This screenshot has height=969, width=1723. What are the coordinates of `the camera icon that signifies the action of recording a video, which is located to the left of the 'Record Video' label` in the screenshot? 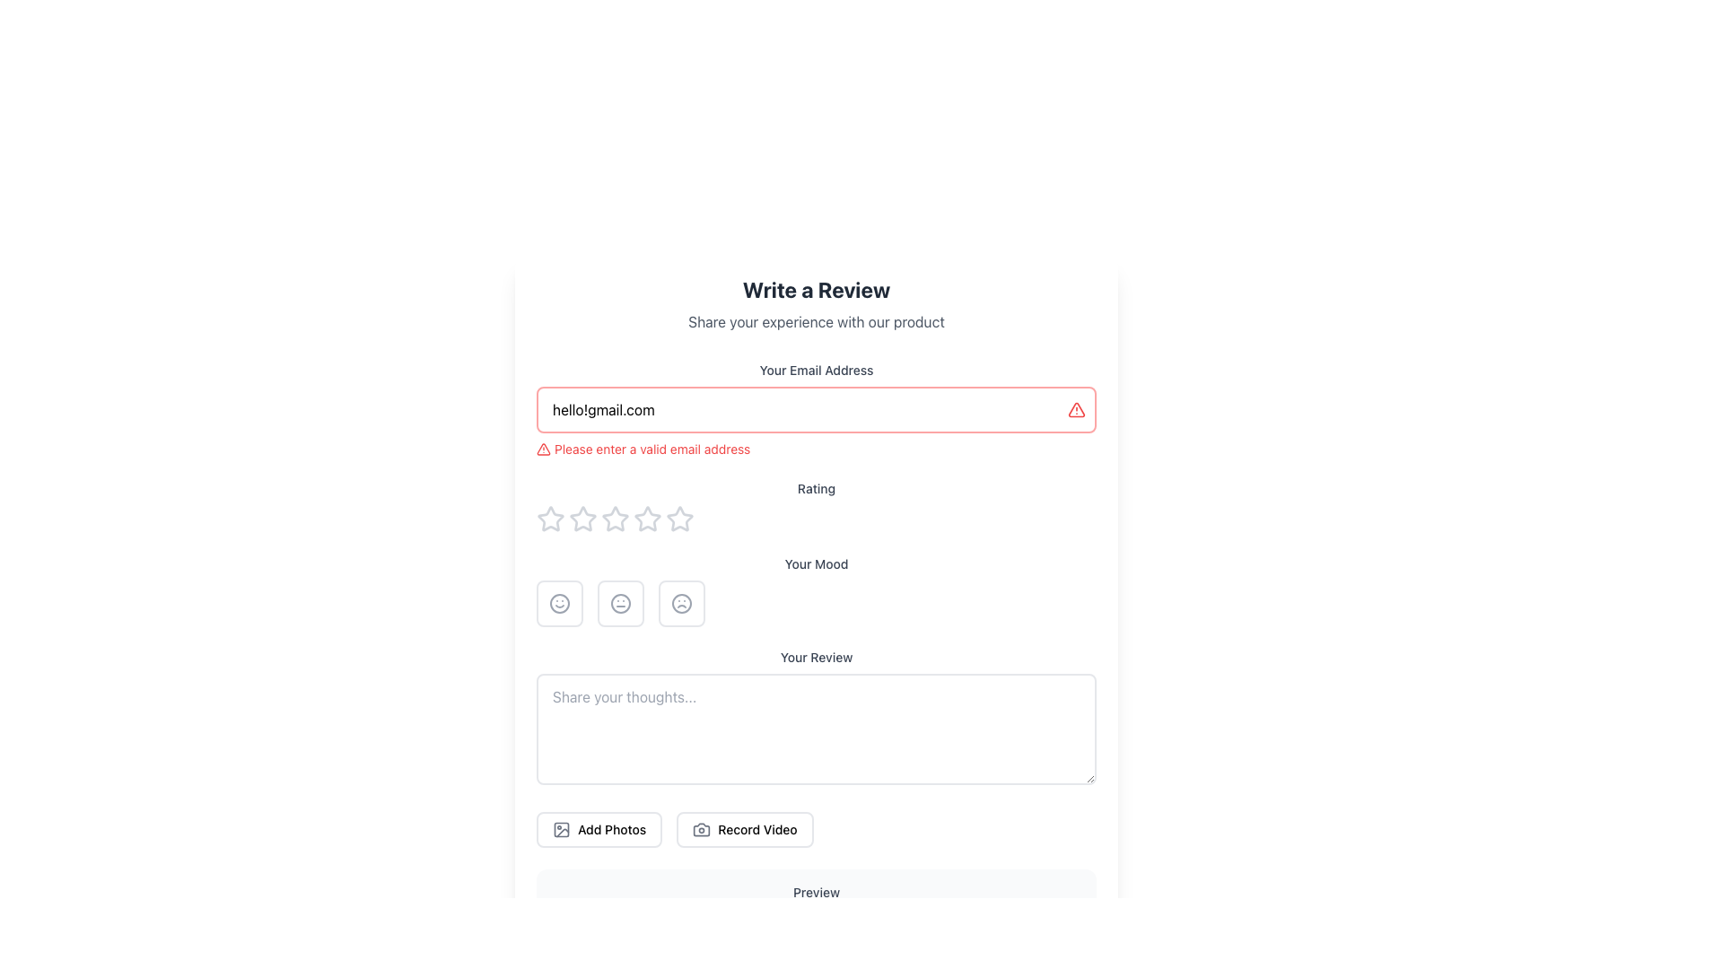 It's located at (701, 830).